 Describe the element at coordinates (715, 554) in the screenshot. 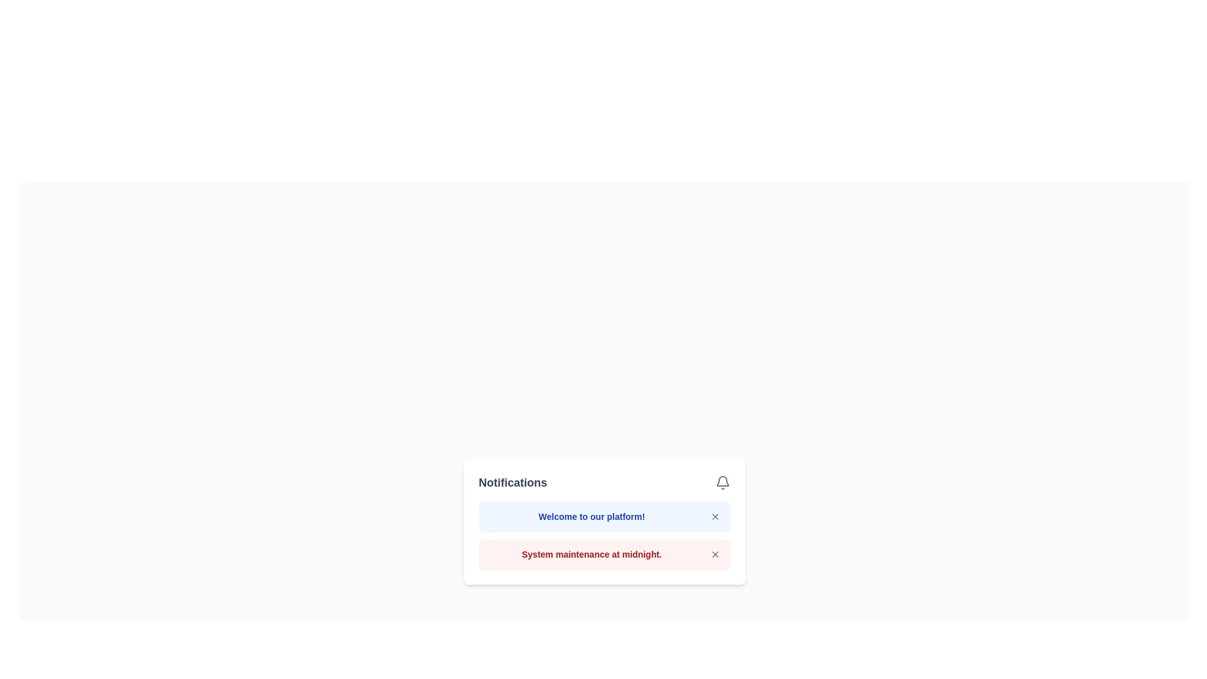

I see `the close button located on the upper-right side of the second notification row` at that location.